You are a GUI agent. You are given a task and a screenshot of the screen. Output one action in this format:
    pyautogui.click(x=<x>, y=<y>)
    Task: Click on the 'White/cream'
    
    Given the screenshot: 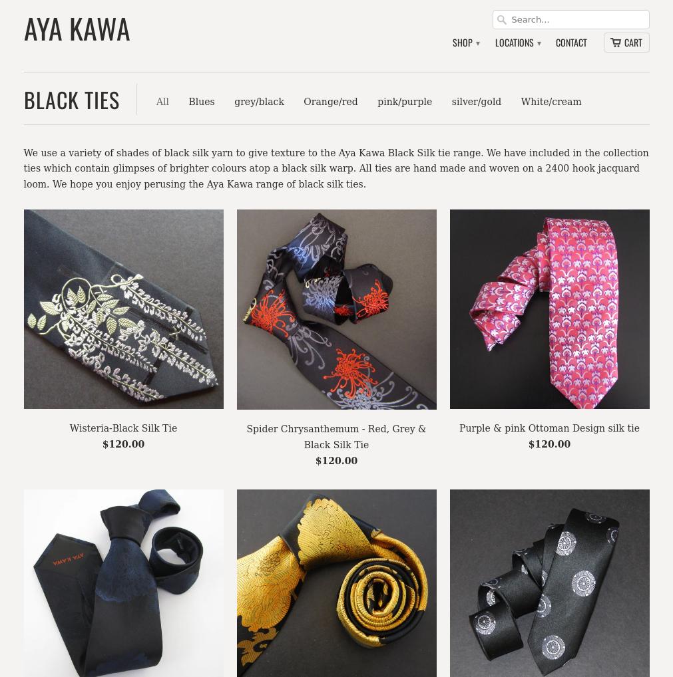 What is the action you would take?
    pyautogui.click(x=550, y=100)
    